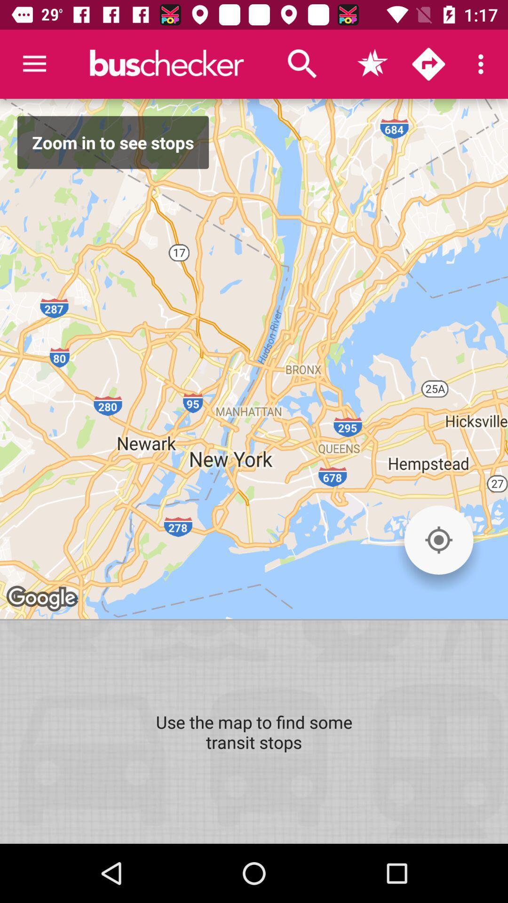  I want to click on the item at the center, so click(254, 358).